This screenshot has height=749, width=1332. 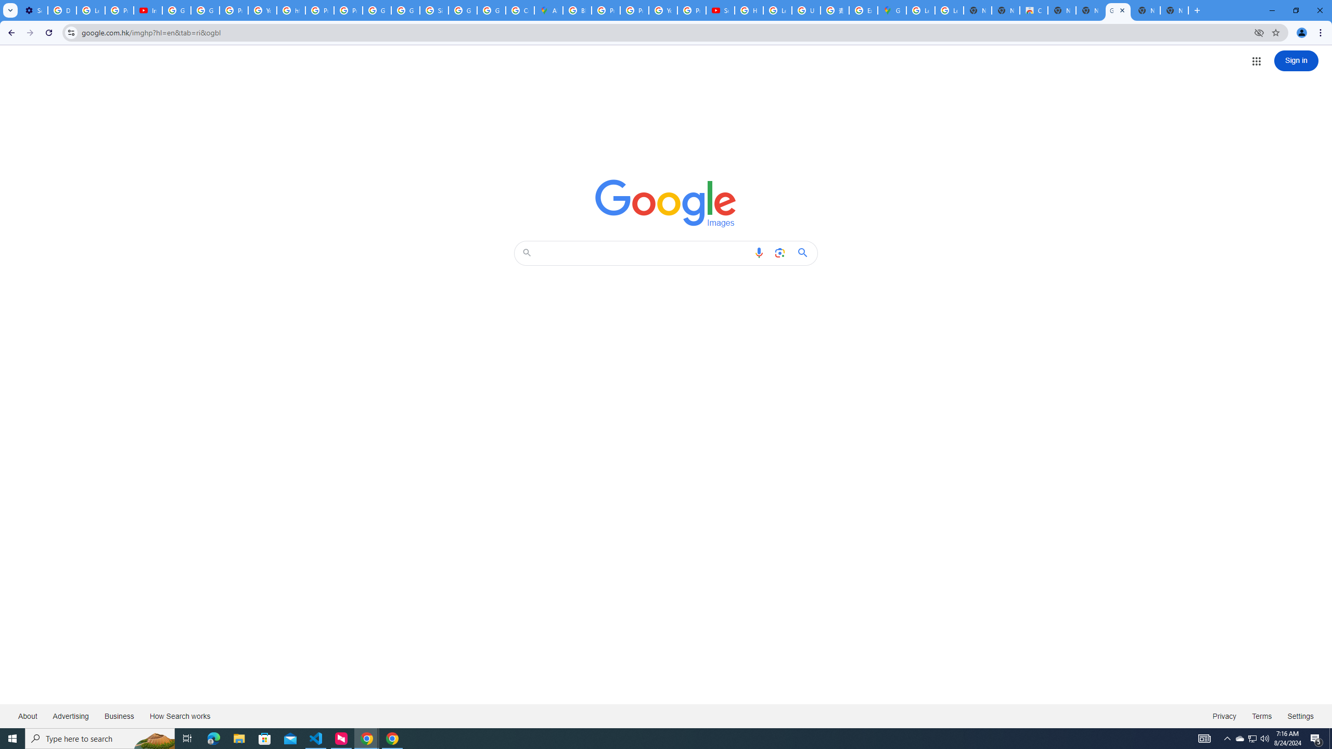 What do you see at coordinates (91, 10) in the screenshot?
I see `'Learn how to find your photos - Google Photos Help'` at bounding box center [91, 10].